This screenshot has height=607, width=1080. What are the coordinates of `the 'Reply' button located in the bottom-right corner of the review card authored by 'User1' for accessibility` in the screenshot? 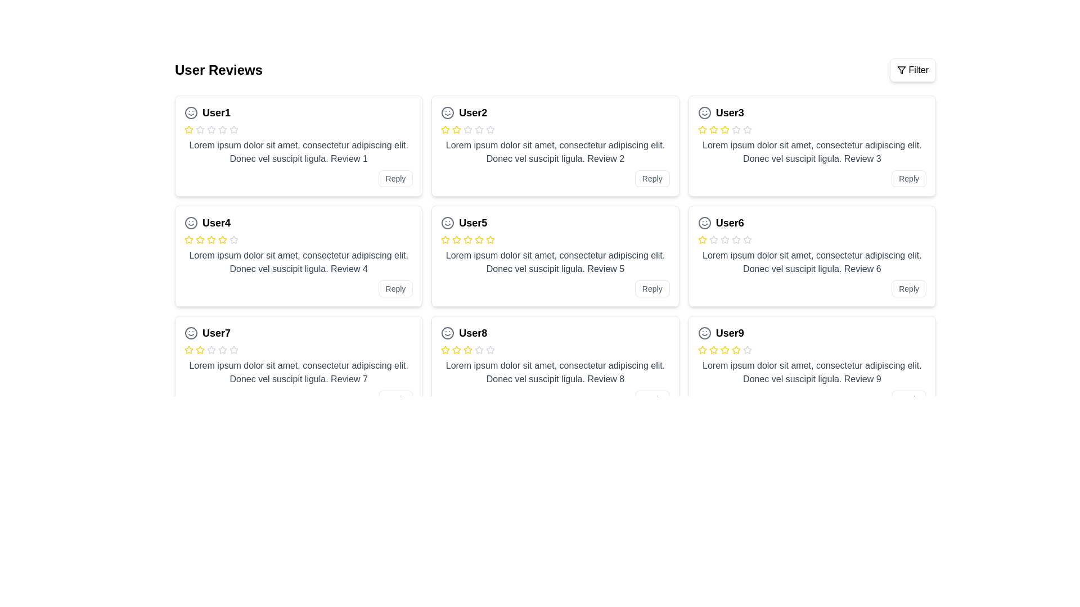 It's located at (395, 178).